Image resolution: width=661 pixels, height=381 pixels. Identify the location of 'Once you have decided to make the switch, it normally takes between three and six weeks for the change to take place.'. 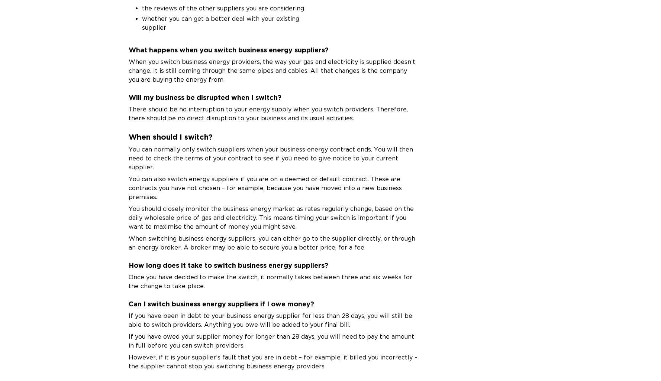
(270, 281).